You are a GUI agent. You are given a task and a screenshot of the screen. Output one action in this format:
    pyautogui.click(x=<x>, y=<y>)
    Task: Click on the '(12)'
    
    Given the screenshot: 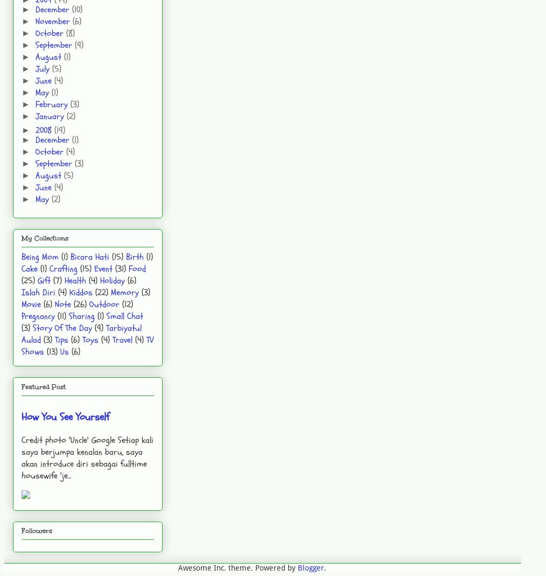 What is the action you would take?
    pyautogui.click(x=127, y=304)
    